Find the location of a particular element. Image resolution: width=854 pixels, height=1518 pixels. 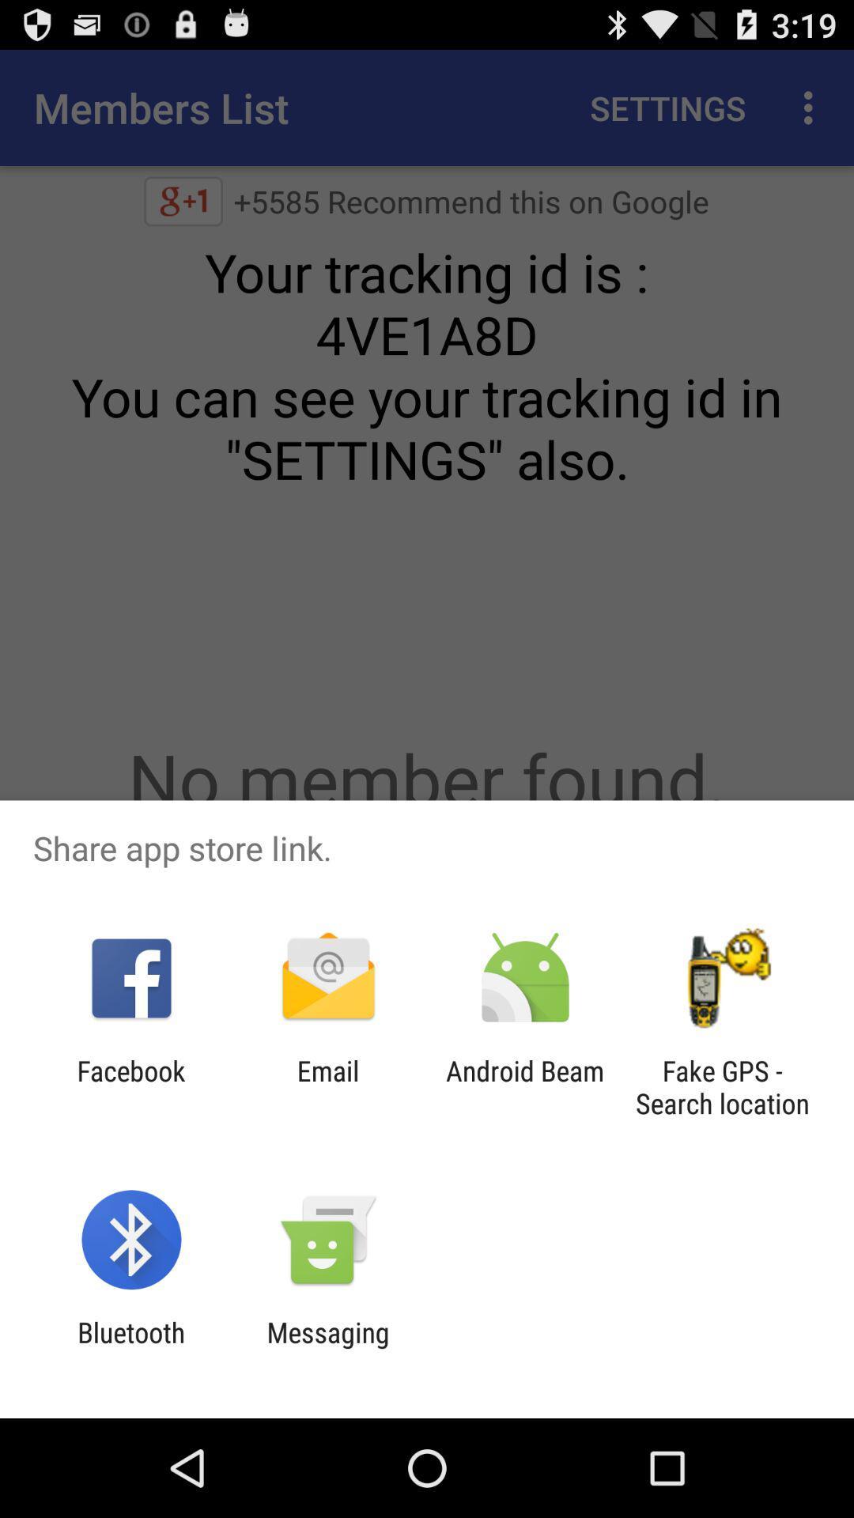

icon next to android beam is located at coordinates (327, 1086).